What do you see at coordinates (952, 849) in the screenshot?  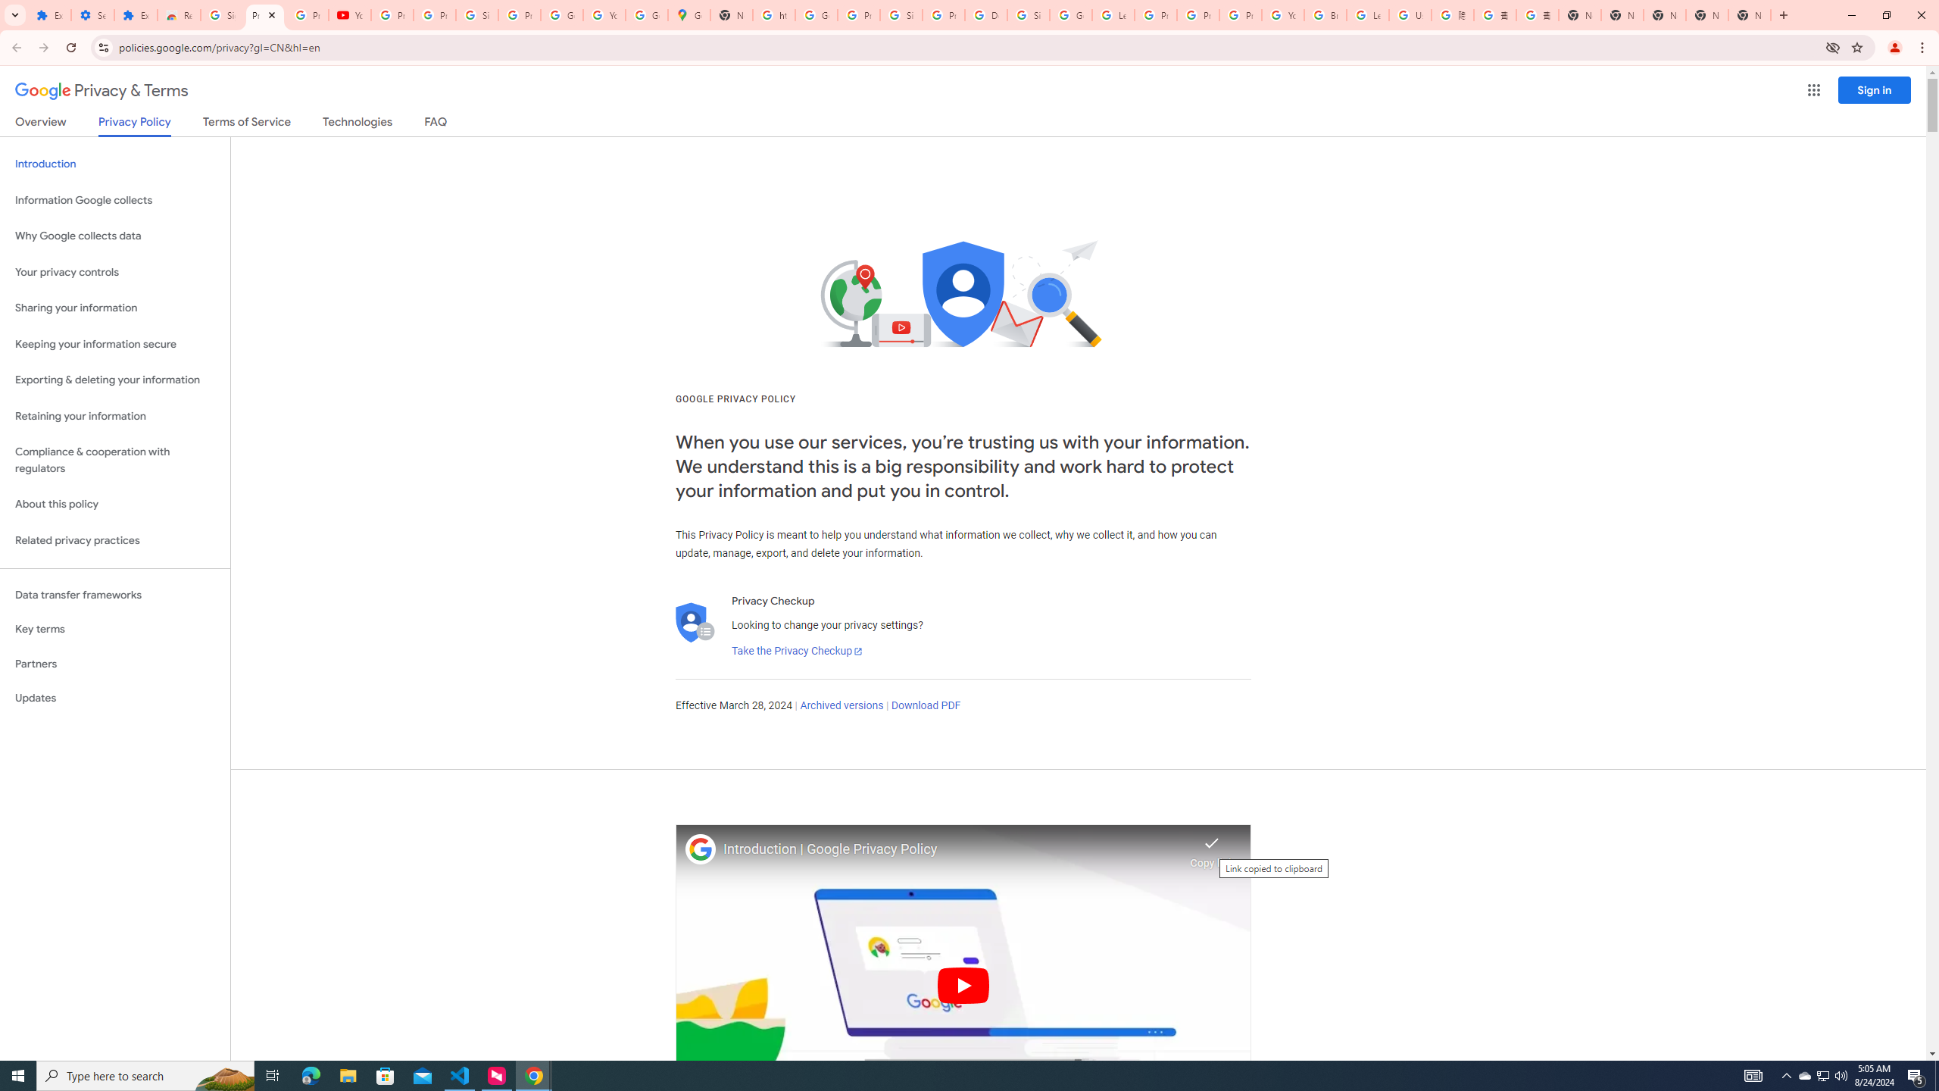 I see `'Introduction | Google Privacy Policy'` at bounding box center [952, 849].